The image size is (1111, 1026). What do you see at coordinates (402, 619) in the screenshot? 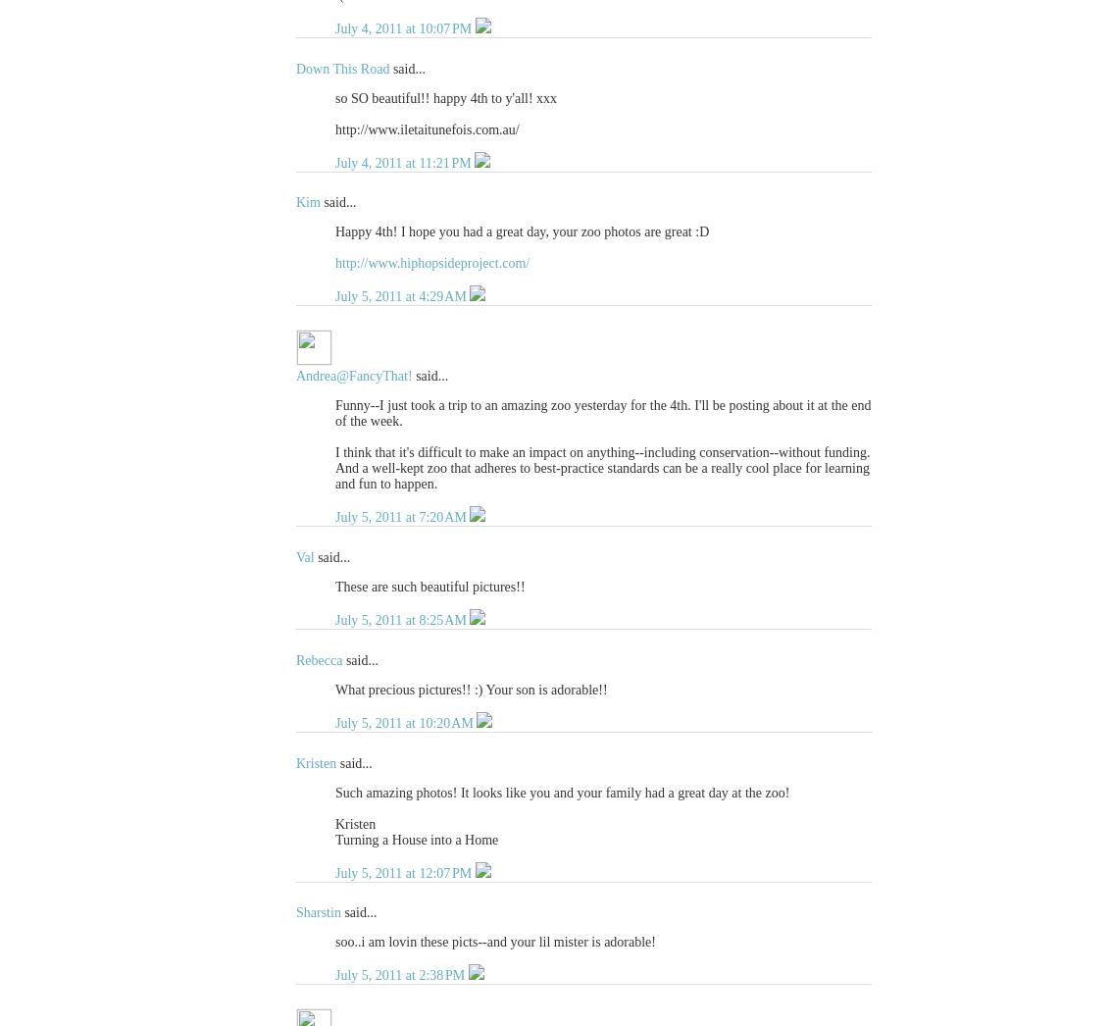
I see `'July 5, 2011 at 8:25 AM'` at bounding box center [402, 619].